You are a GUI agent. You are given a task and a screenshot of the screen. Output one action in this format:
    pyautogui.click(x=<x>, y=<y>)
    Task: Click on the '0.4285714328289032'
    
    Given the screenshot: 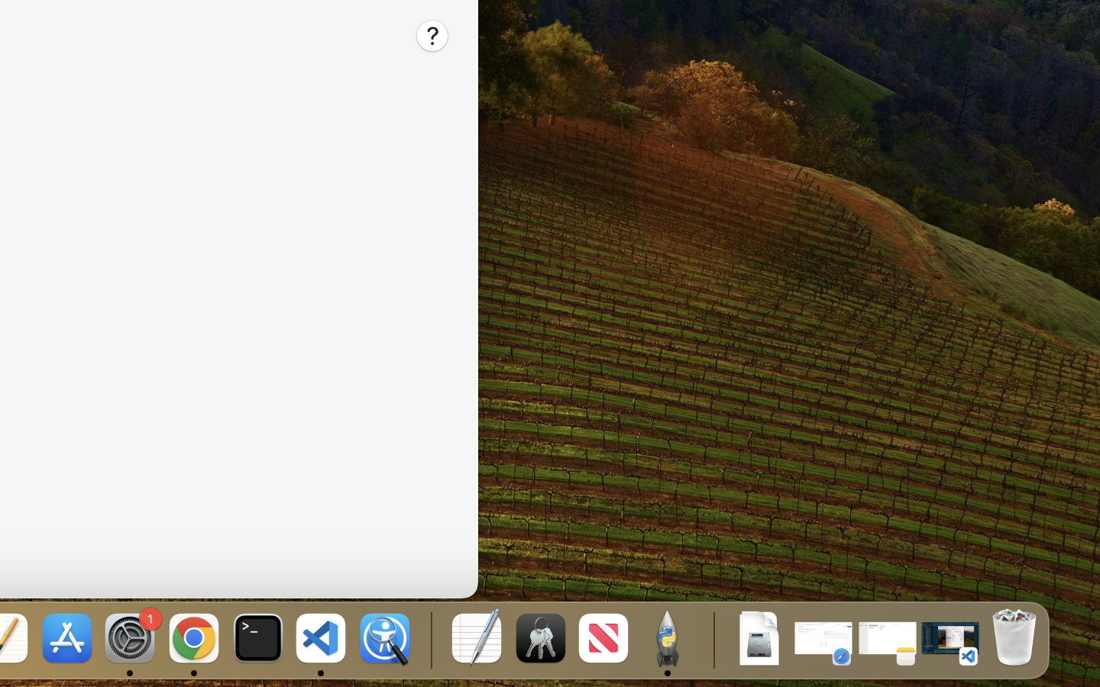 What is the action you would take?
    pyautogui.click(x=429, y=639)
    